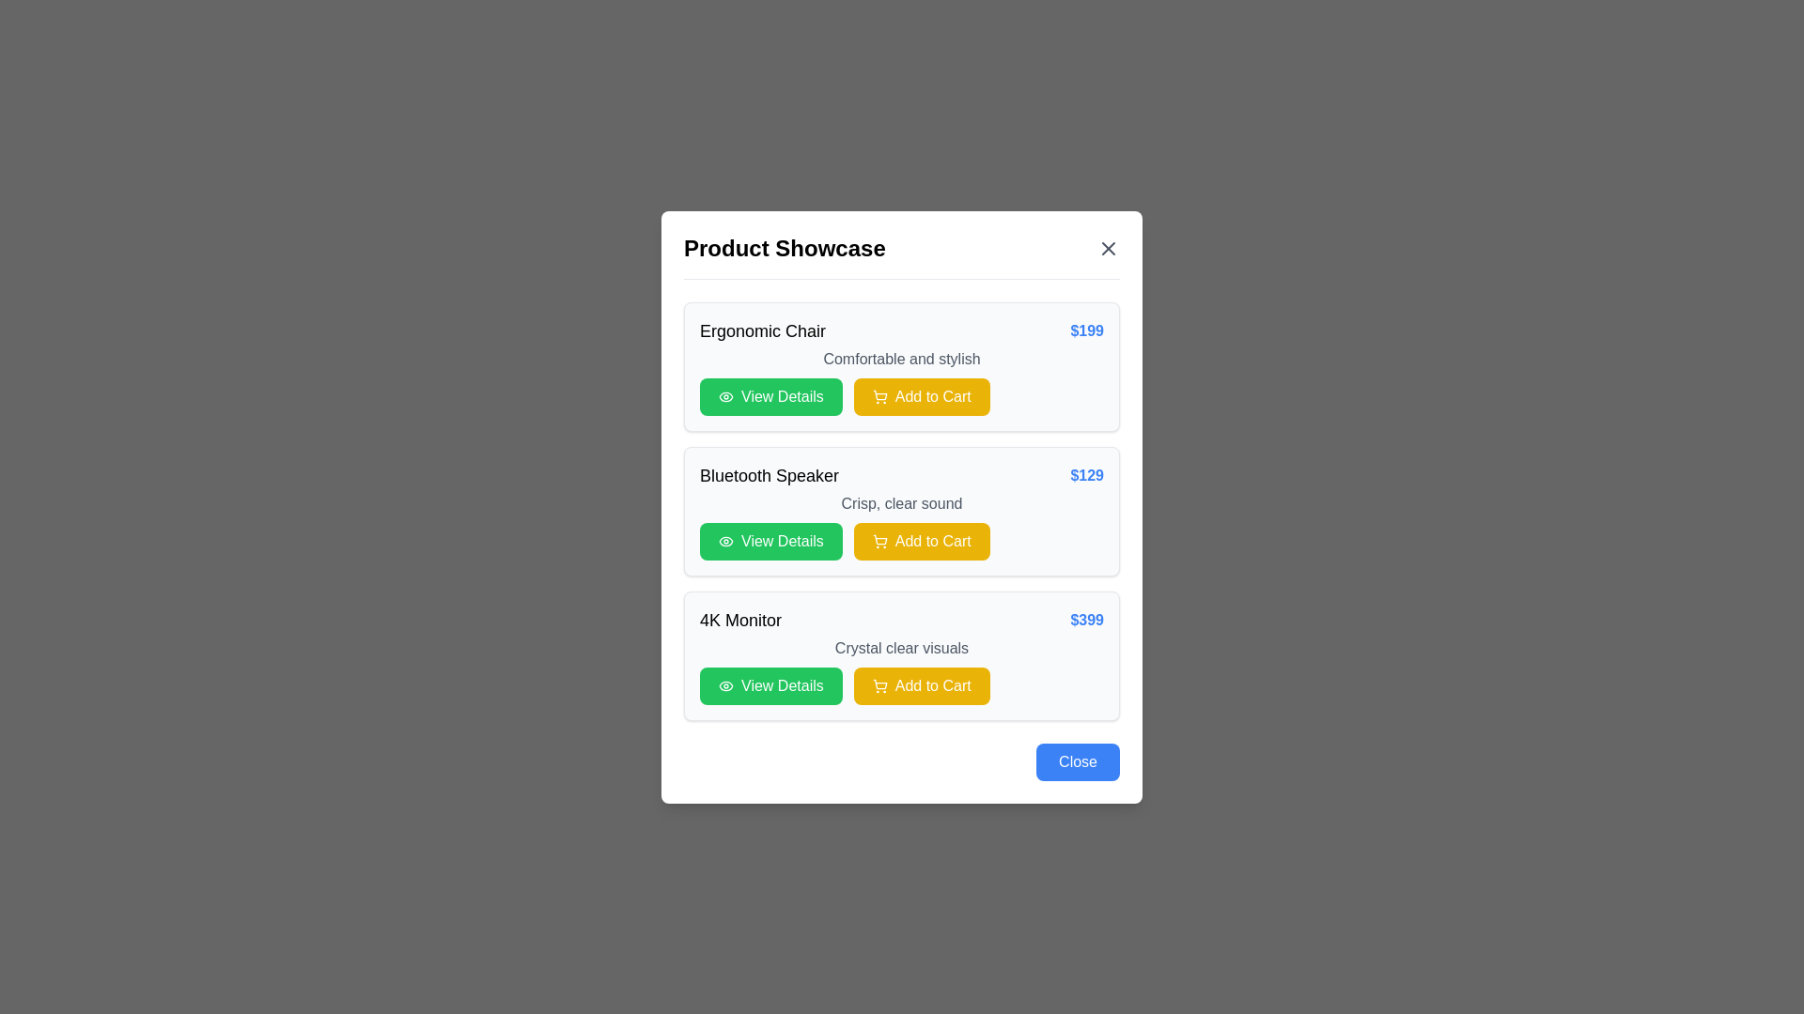  I want to click on the small eye icon styled with green and white colors, located to the left of the 'View Details' text button within the green rectangular background of the 4K Monitor product card, so click(724, 685).